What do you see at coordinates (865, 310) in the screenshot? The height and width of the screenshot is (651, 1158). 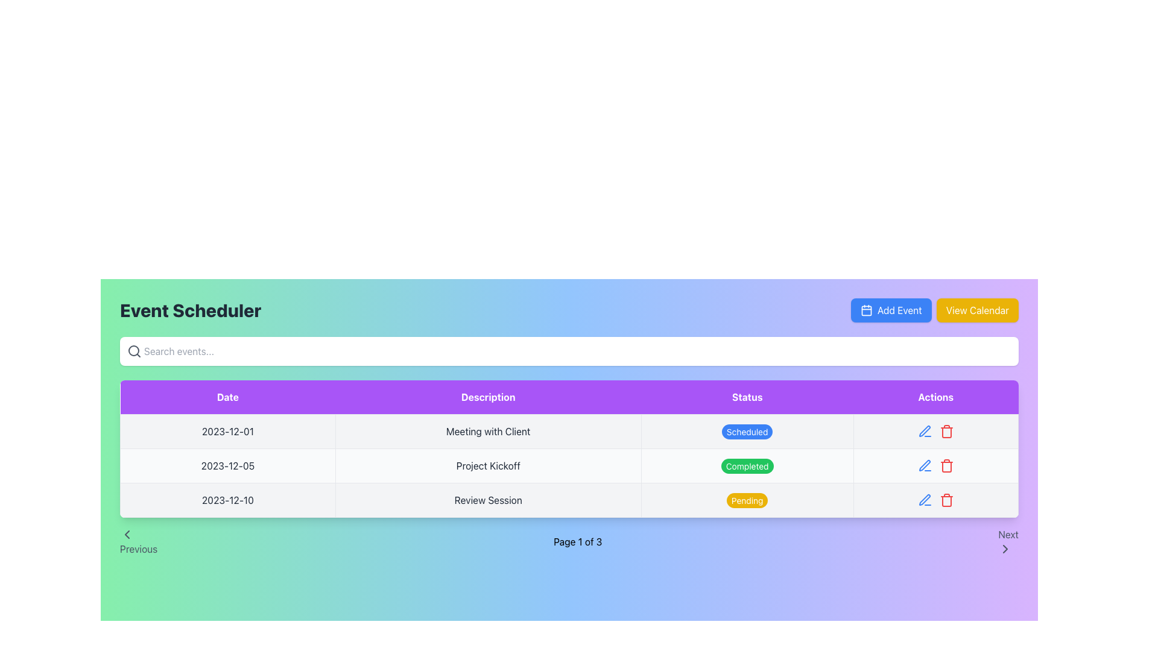 I see `internal rectangular shape of the calendar icon located in the upper-right section of the interface, adjacent to the 'Add Event' button` at bounding box center [865, 310].